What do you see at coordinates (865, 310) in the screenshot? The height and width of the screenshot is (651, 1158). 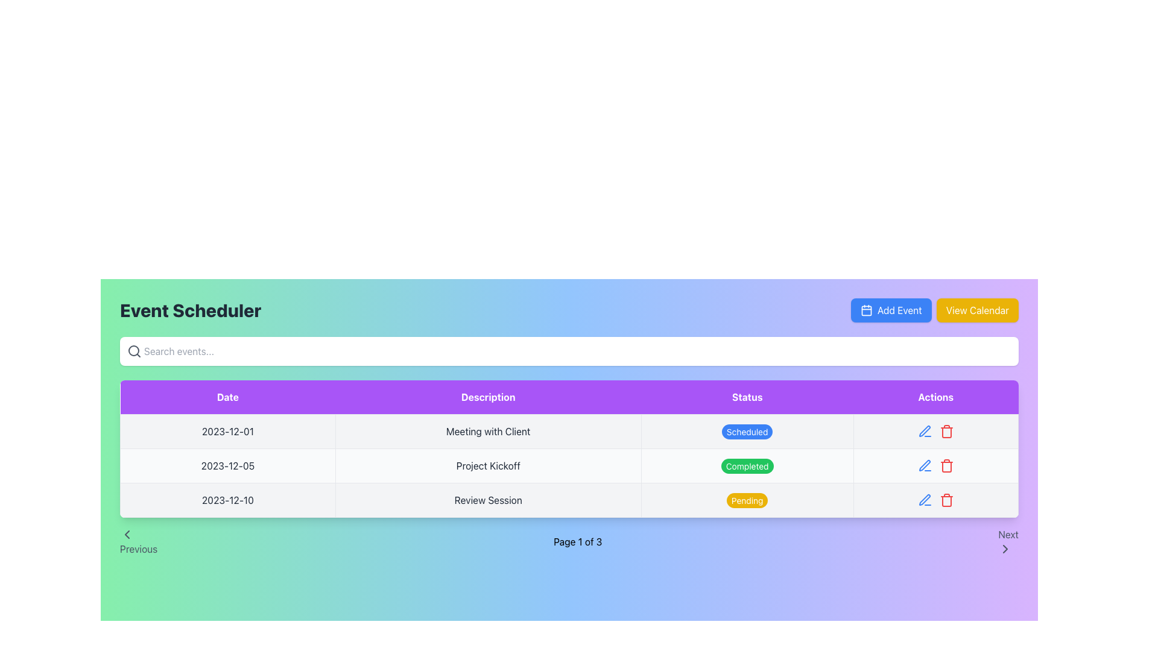 I see `internal rectangular shape of the calendar icon located in the upper-right section of the interface, adjacent to the 'Add Event' button` at bounding box center [865, 310].